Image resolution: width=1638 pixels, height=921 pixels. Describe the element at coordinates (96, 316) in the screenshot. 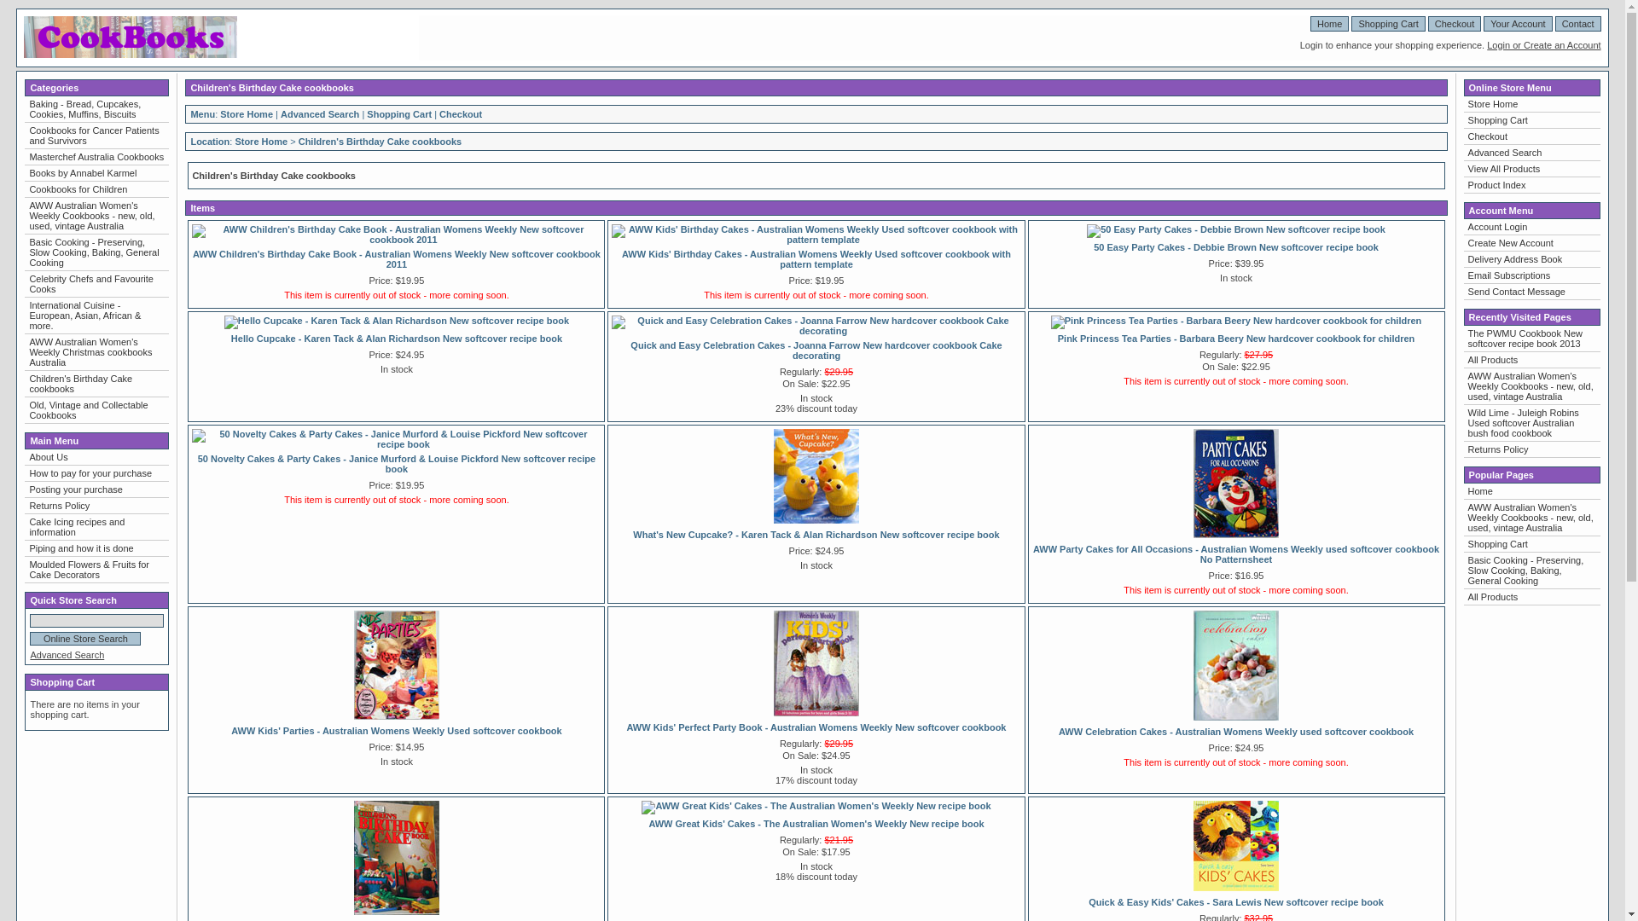

I see `'International Cuisine - European, Asian, African & more.'` at that location.